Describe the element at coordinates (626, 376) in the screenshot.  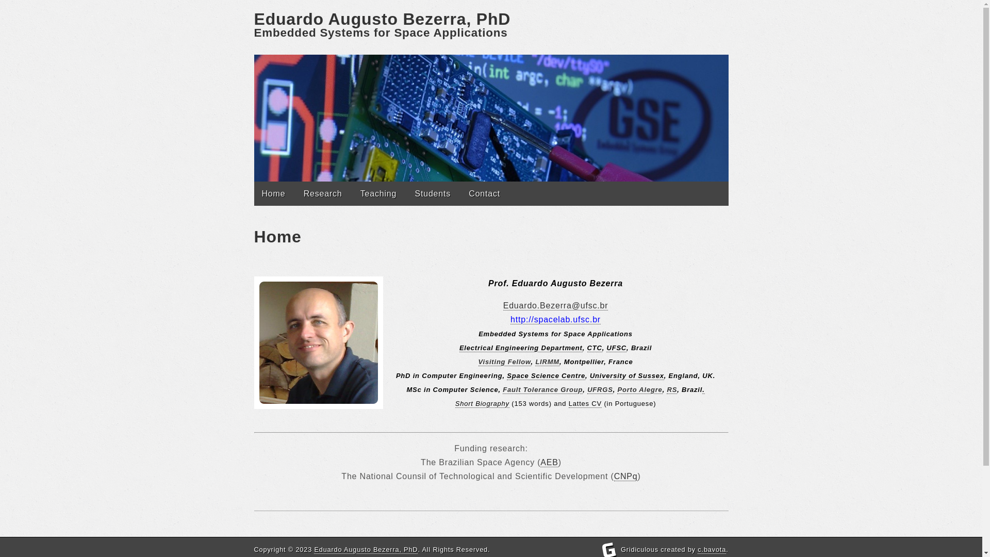
I see `'University of Sussex'` at that location.